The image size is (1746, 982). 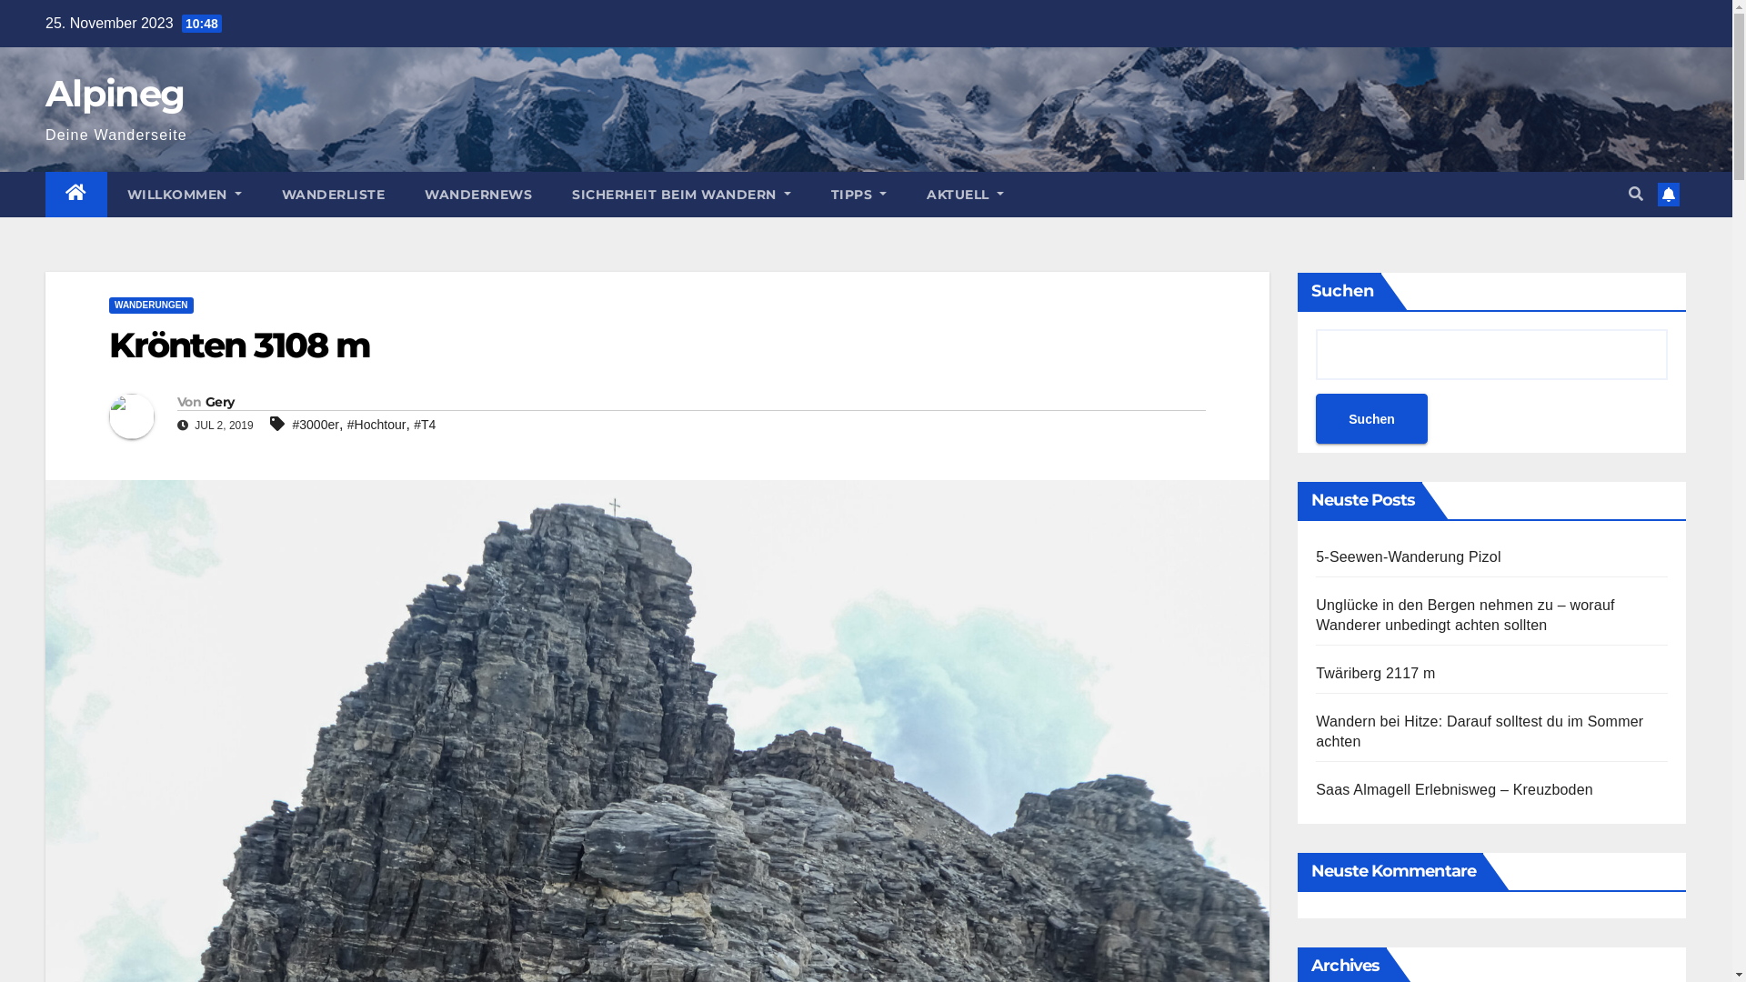 I want to click on 'WILLKOMMEN', so click(x=184, y=194).